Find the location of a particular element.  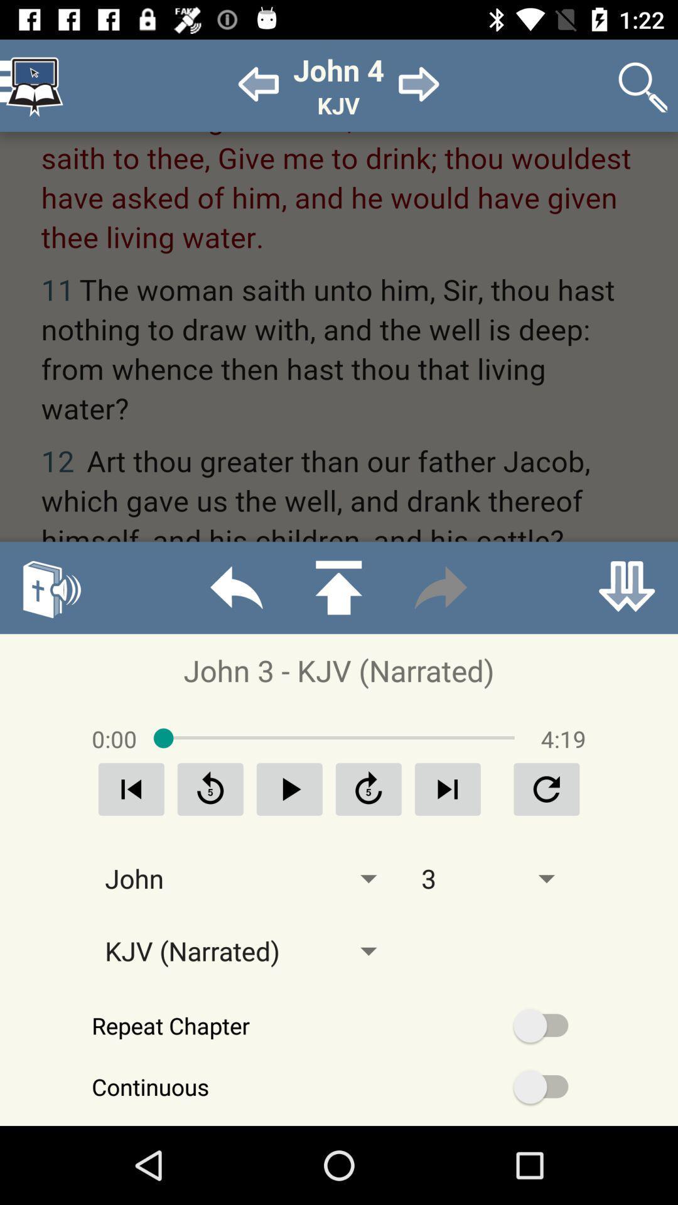

the skip_next icon is located at coordinates (447, 788).